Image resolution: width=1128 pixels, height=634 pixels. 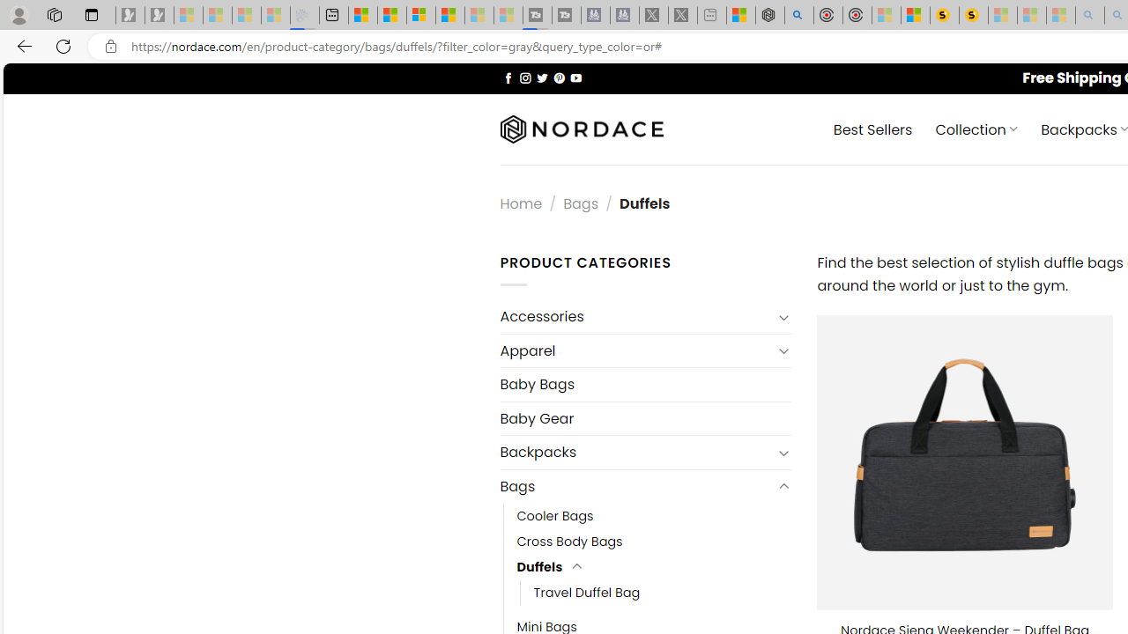 I want to click on ' Best Sellers', so click(x=872, y=128).